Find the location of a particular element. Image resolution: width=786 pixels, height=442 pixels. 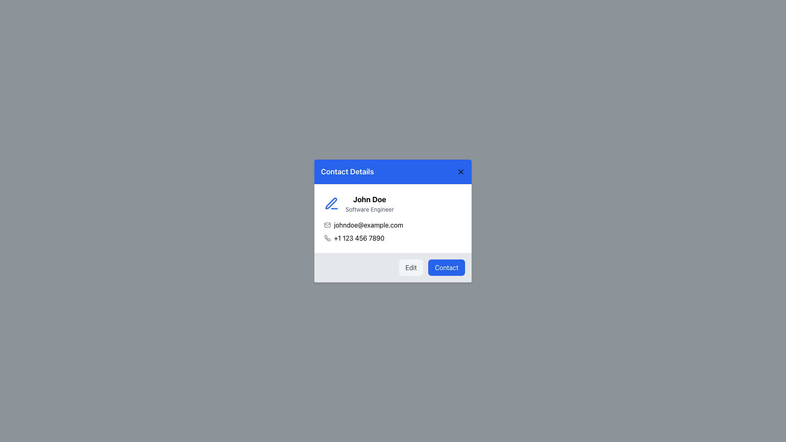

the 'Edit' button, which is a rectangular button with rounded corners located in the bottom-right area of the interface, to initiate editing is located at coordinates (411, 268).